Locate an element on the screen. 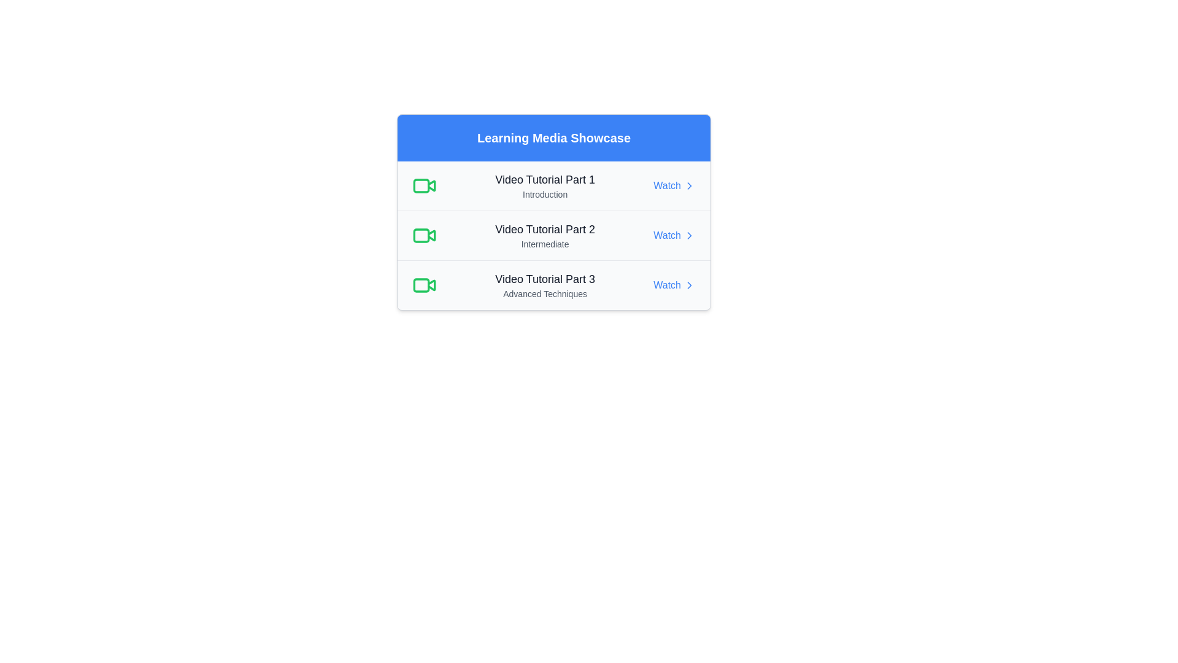  the chevron-shaped icon pointing to the right, located to the right of the text 'Watch' in the second row of the list for 'Video Tutorial Part 2 Intermediate' is located at coordinates (689, 236).